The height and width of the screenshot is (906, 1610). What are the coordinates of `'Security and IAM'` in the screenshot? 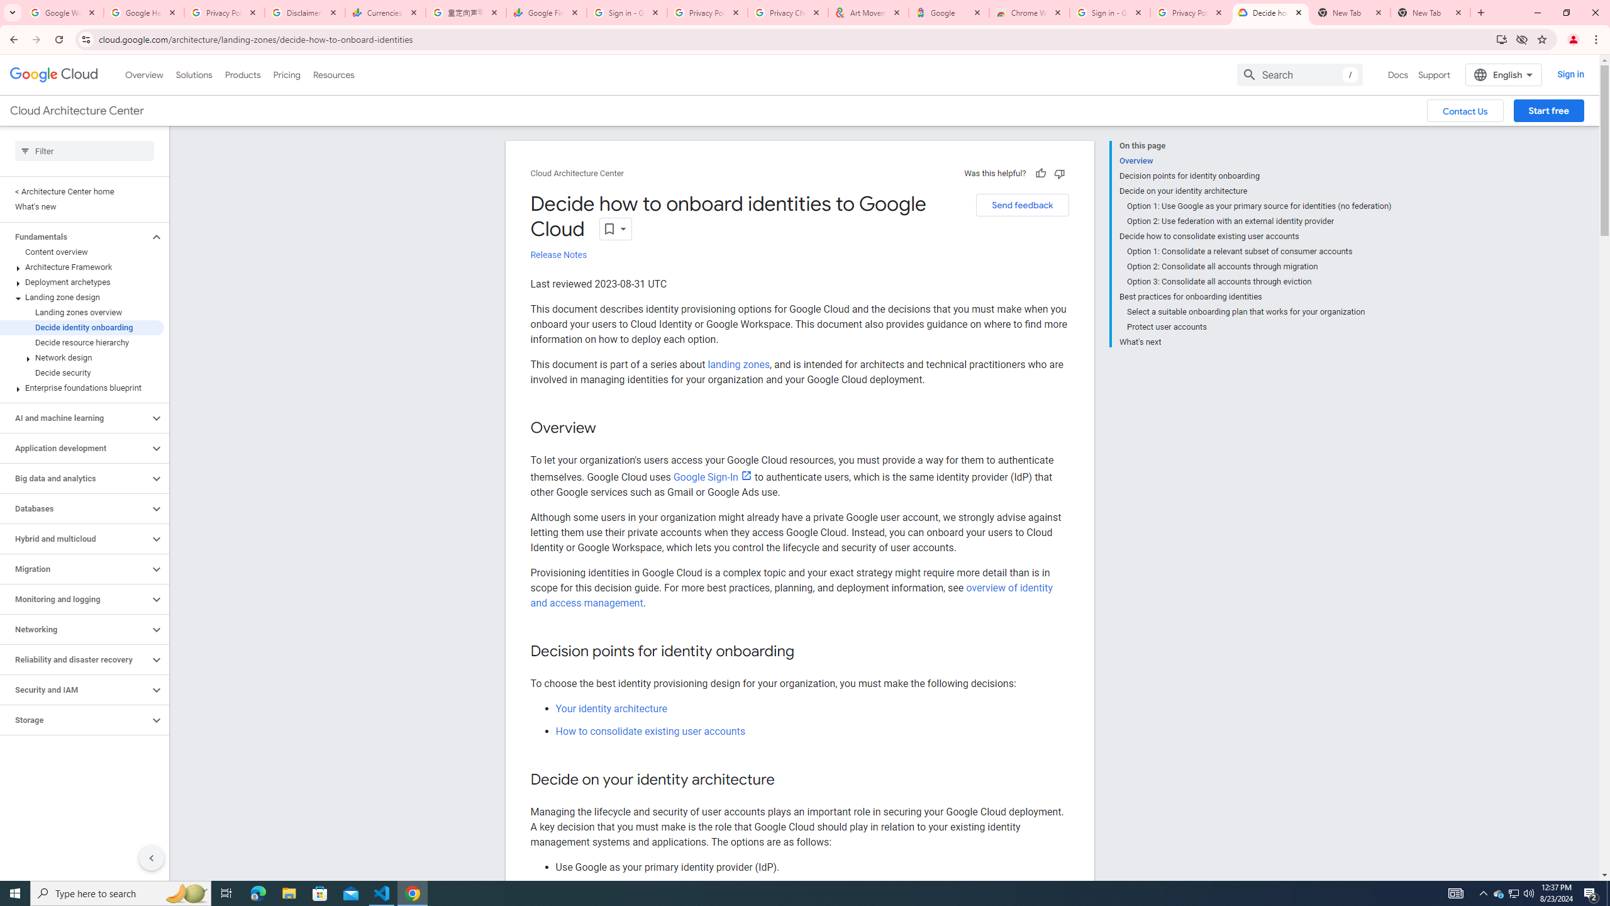 It's located at (74, 689).